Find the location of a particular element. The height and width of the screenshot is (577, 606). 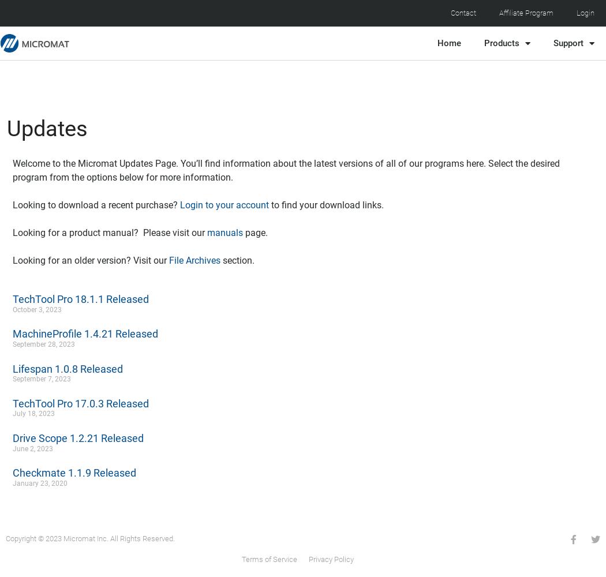

'Home' is located at coordinates (437, 43).